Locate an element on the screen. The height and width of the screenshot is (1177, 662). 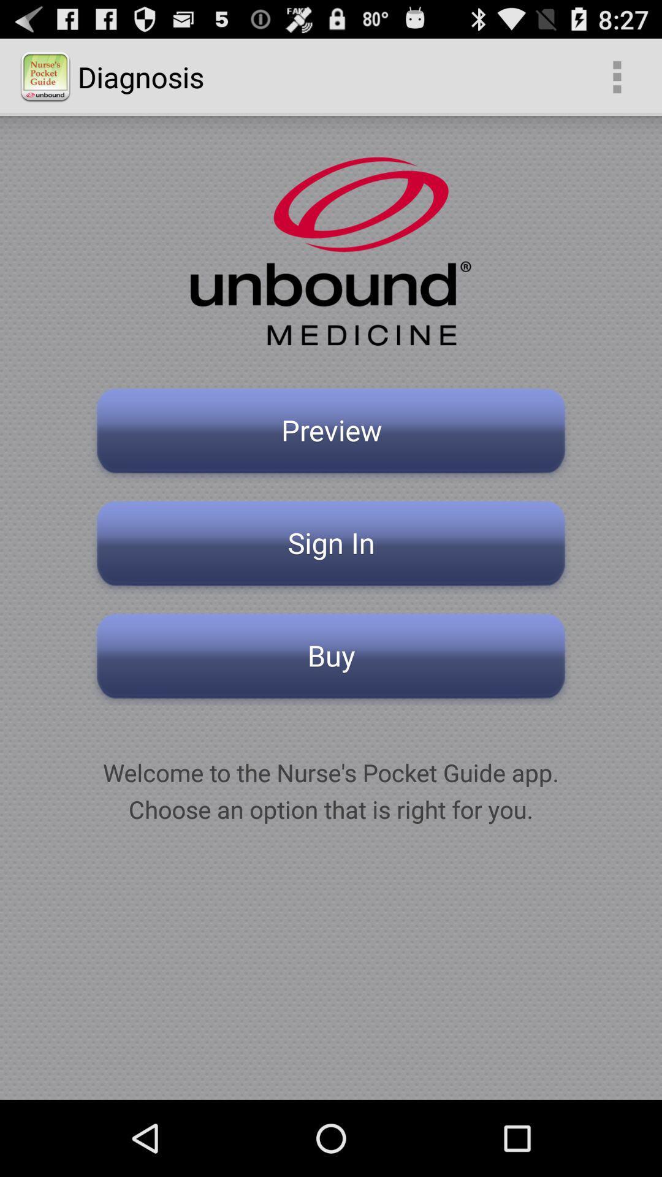
item above buy button is located at coordinates (331, 546).